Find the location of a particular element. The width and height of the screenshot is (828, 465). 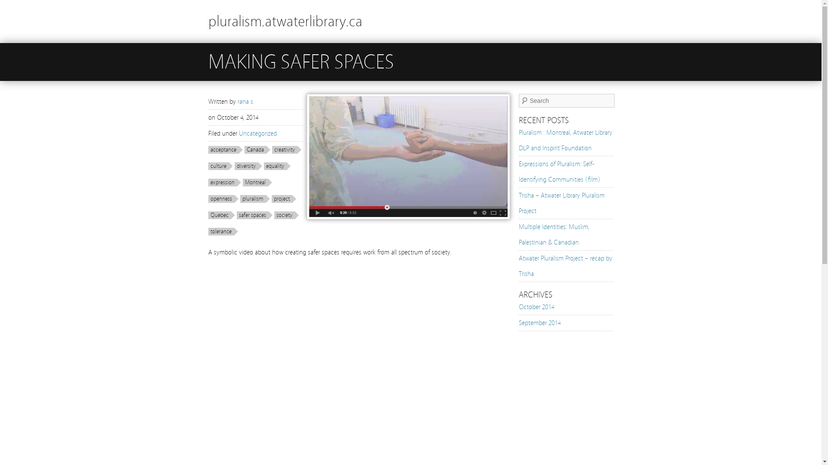

'expression' is located at coordinates (224, 182).